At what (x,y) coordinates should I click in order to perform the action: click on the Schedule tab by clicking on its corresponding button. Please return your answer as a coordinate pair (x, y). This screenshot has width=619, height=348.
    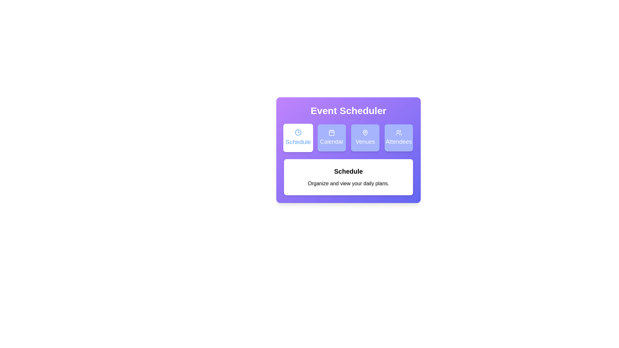
    Looking at the image, I should click on (298, 138).